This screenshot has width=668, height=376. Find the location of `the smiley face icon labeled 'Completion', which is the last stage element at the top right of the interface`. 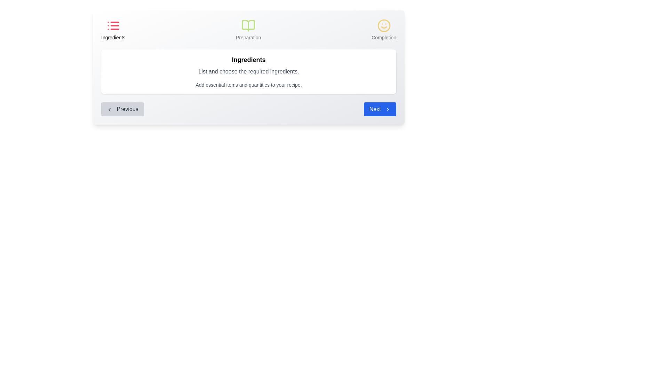

the smiley face icon labeled 'Completion', which is the last stage element at the top right of the interface is located at coordinates (383, 29).